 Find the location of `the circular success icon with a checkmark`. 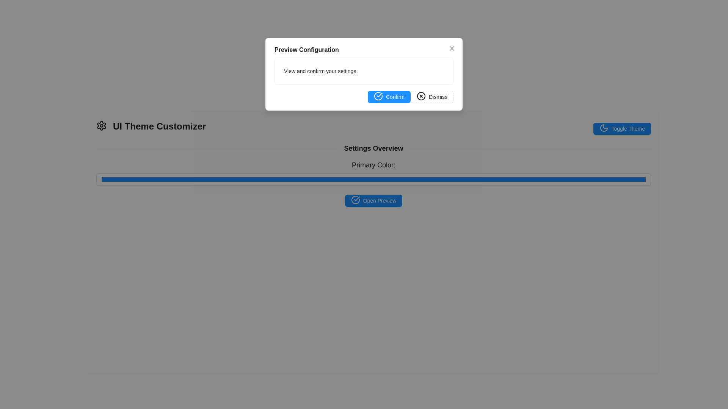

the circular success icon with a checkmark is located at coordinates (355, 199).